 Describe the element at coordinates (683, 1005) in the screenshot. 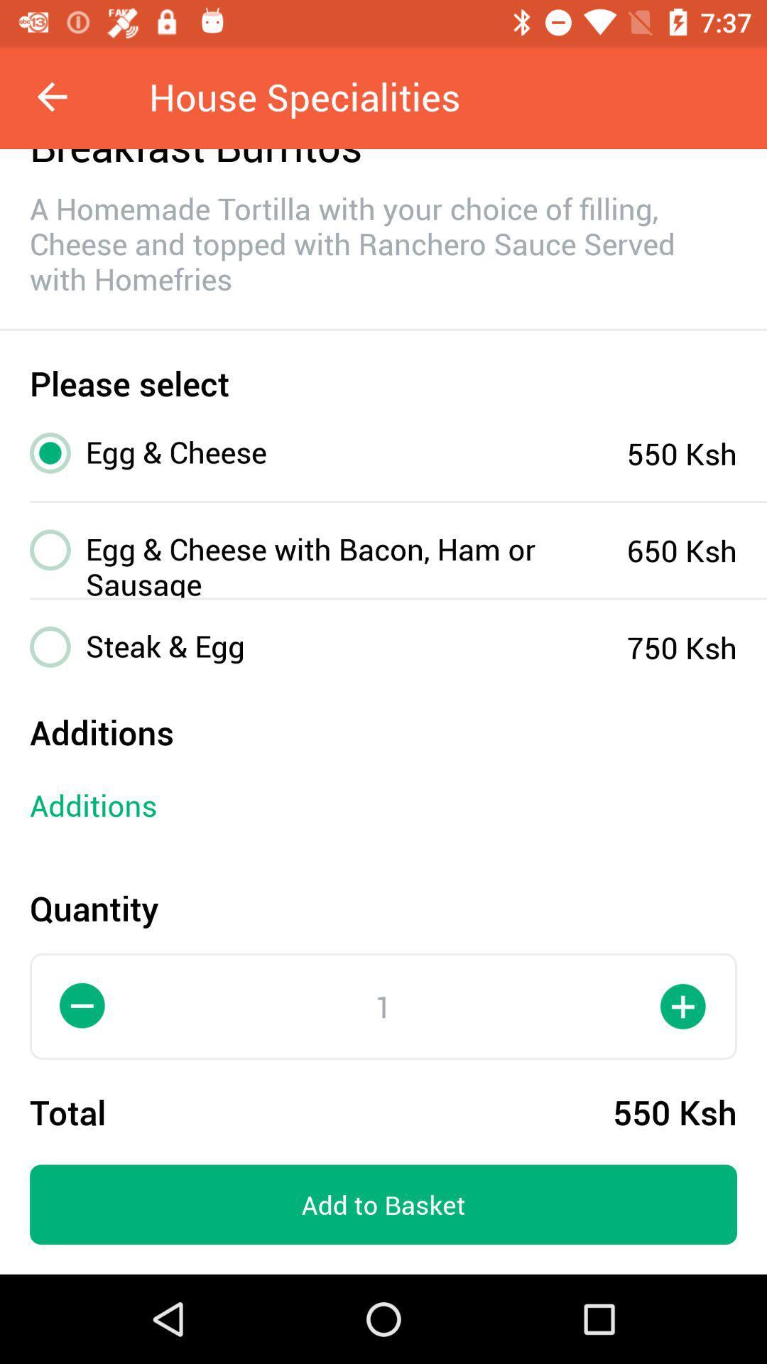

I see `the add icon` at that location.